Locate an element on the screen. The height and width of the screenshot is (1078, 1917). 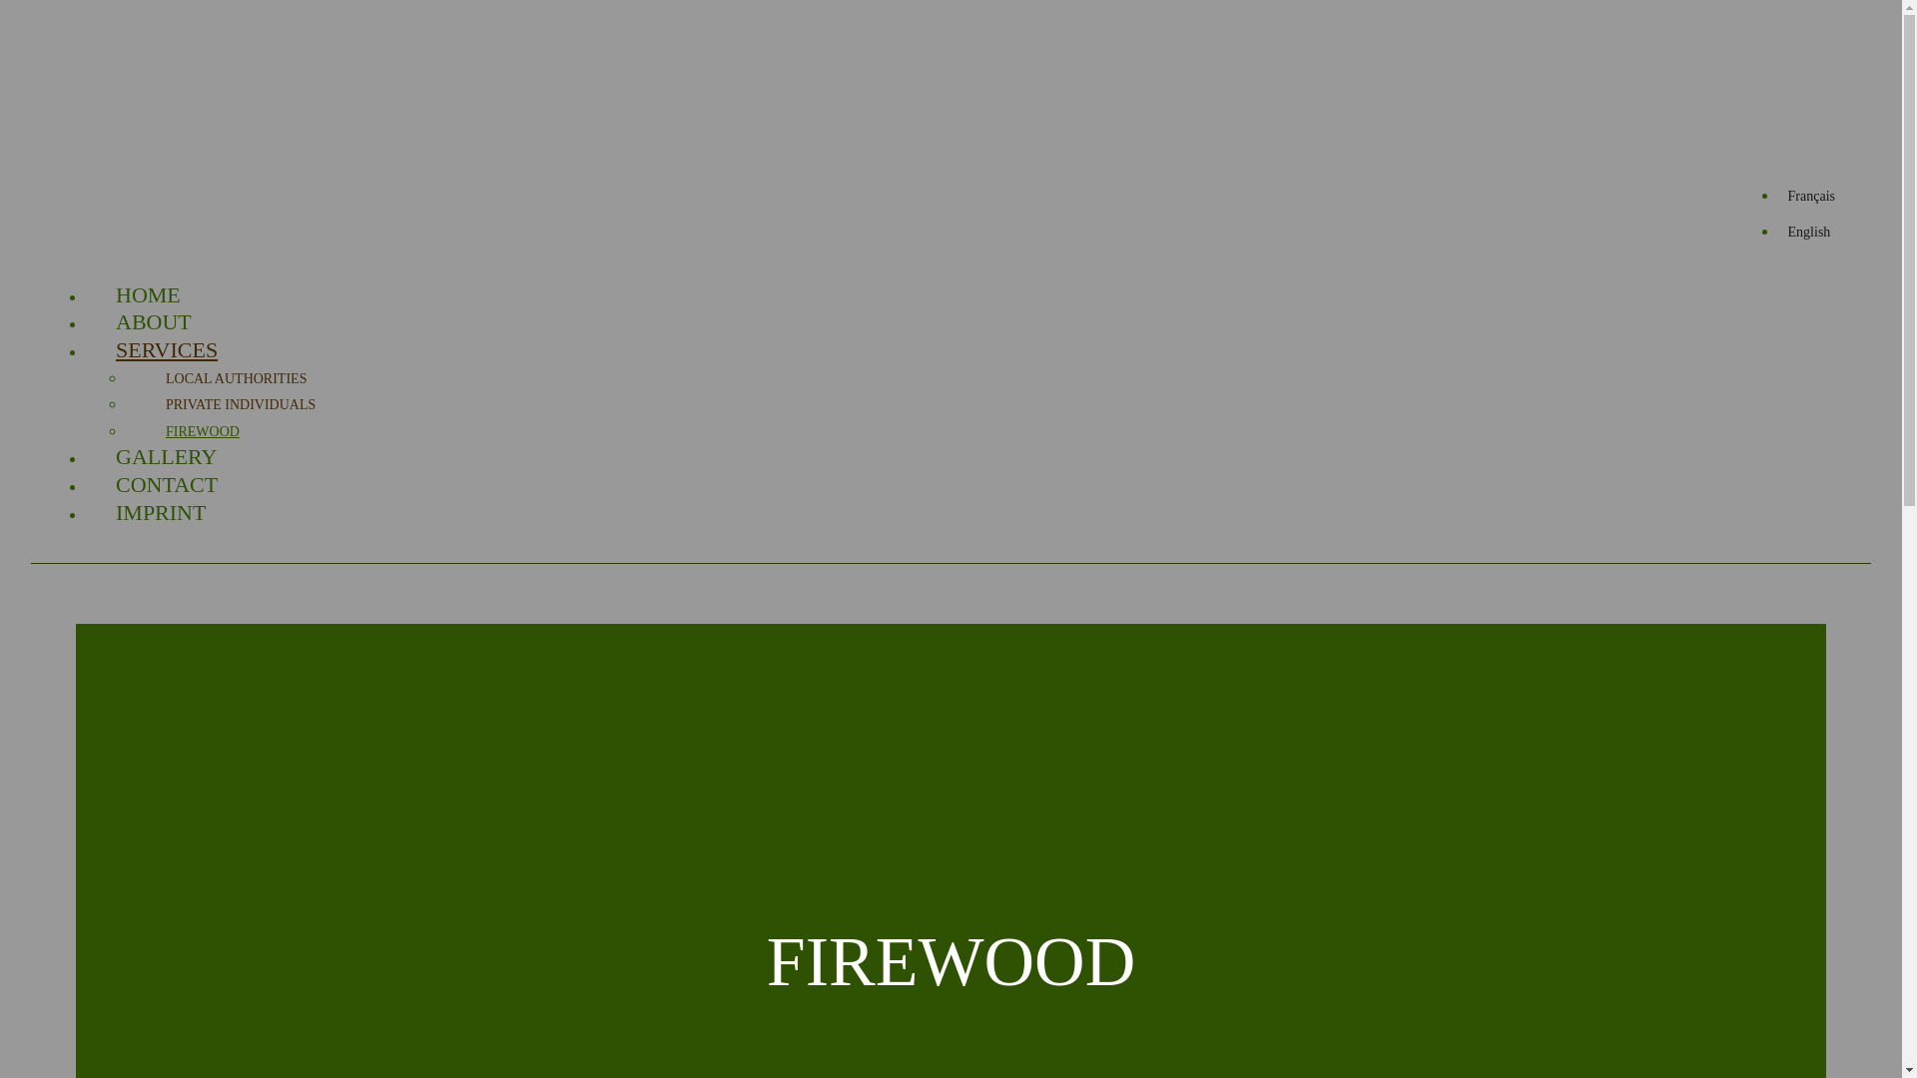
'ABOUT' is located at coordinates (152, 321).